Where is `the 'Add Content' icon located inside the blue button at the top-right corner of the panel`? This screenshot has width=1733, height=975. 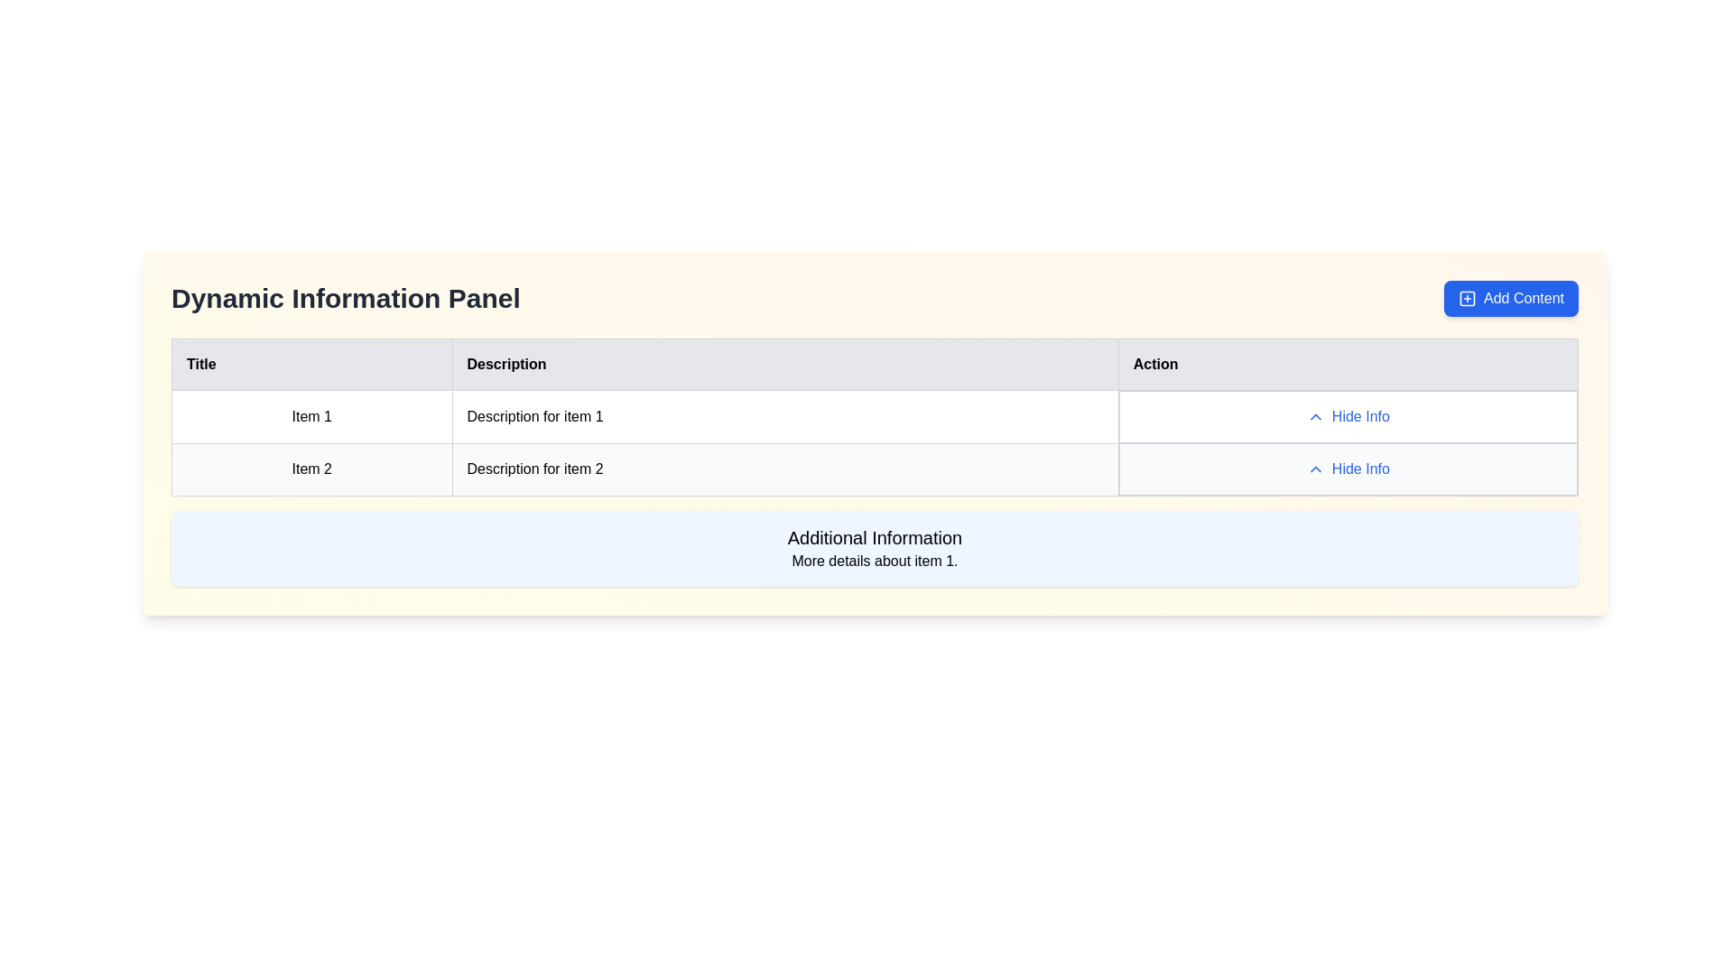
the 'Add Content' icon located inside the blue button at the top-right corner of the panel is located at coordinates (1468, 298).